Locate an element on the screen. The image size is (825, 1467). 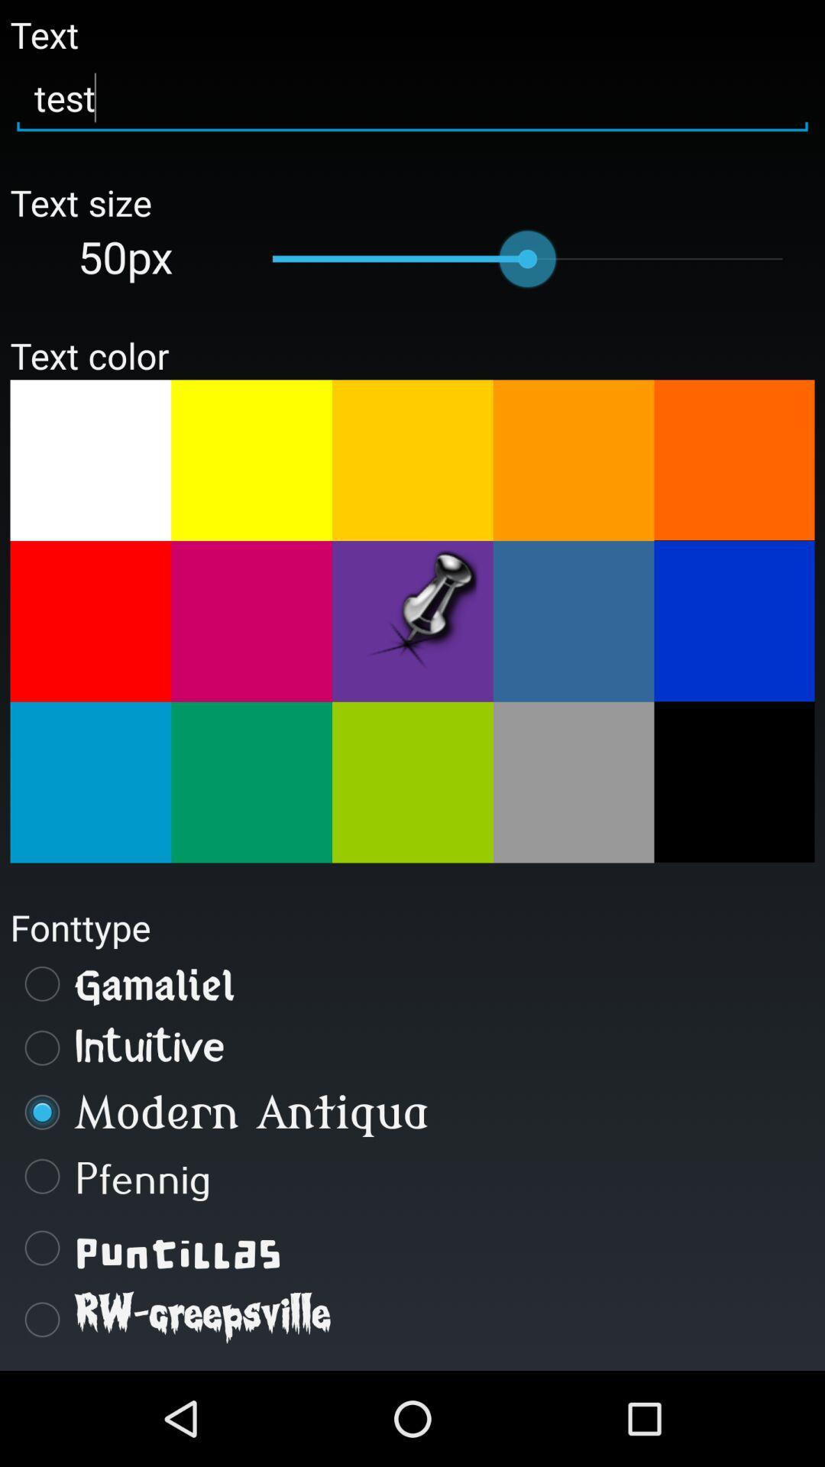
red is located at coordinates (90, 621).